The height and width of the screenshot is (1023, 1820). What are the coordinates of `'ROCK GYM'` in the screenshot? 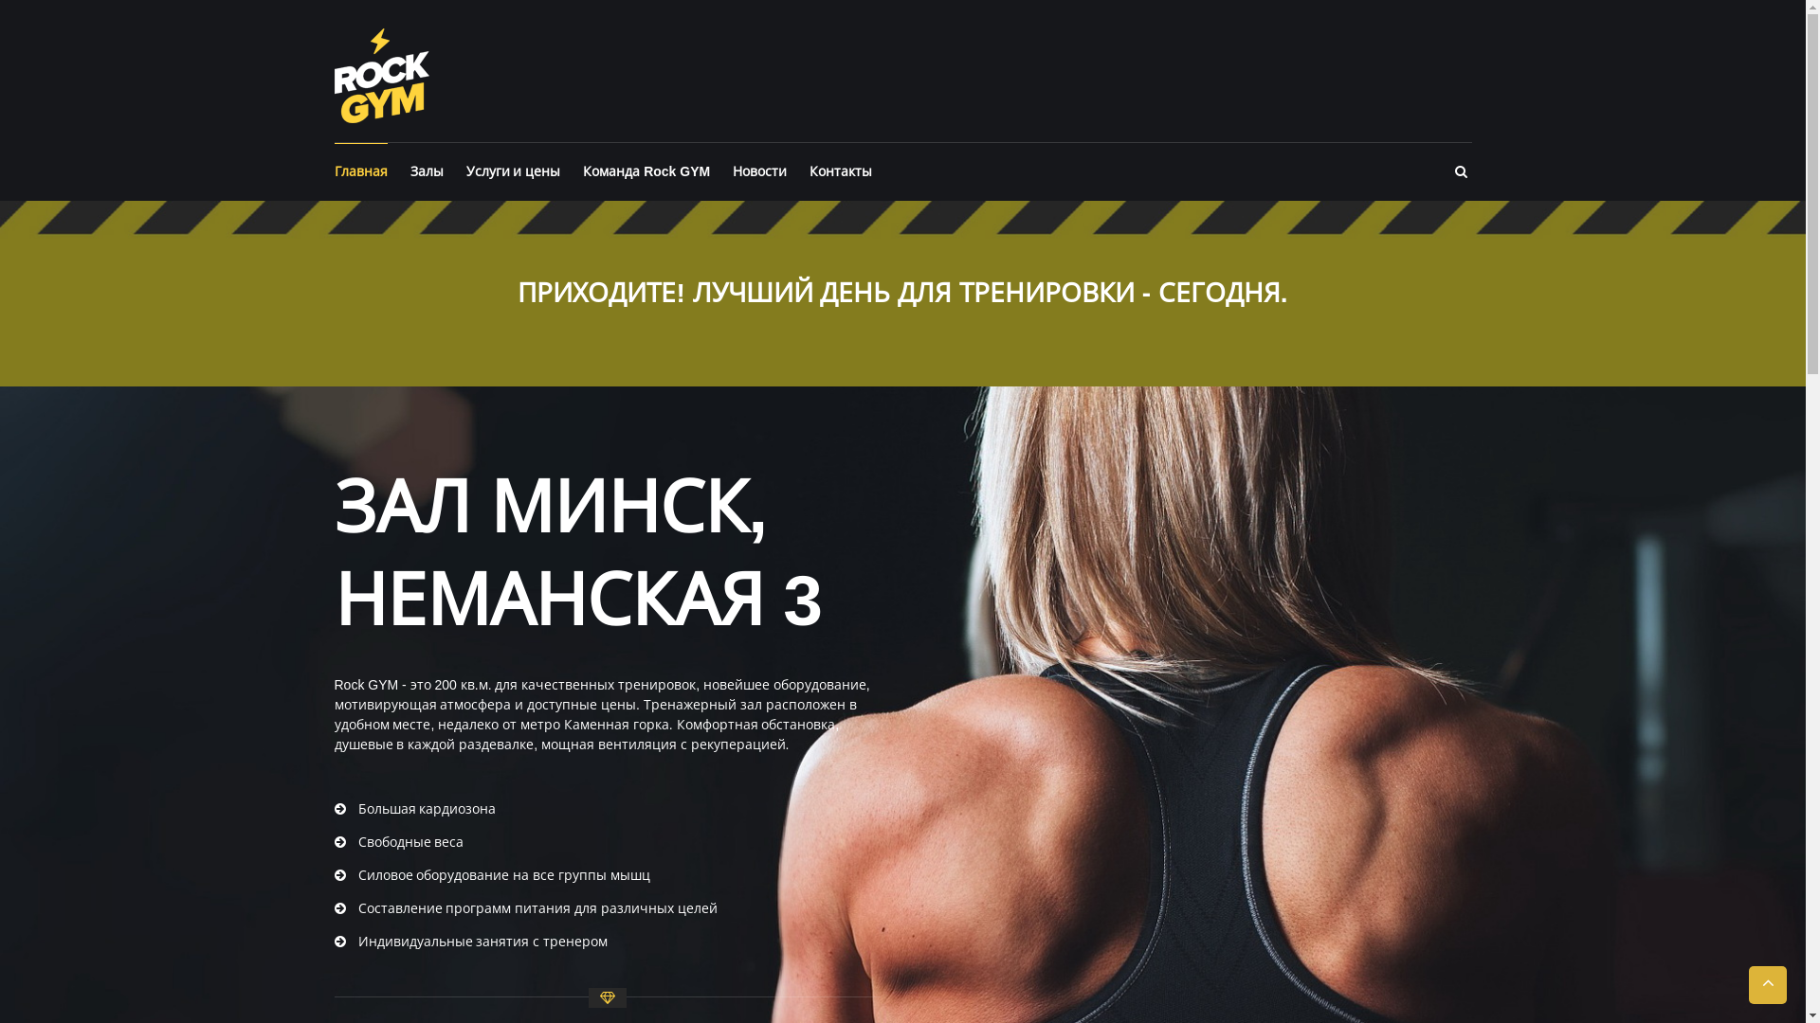 It's located at (540, 40).